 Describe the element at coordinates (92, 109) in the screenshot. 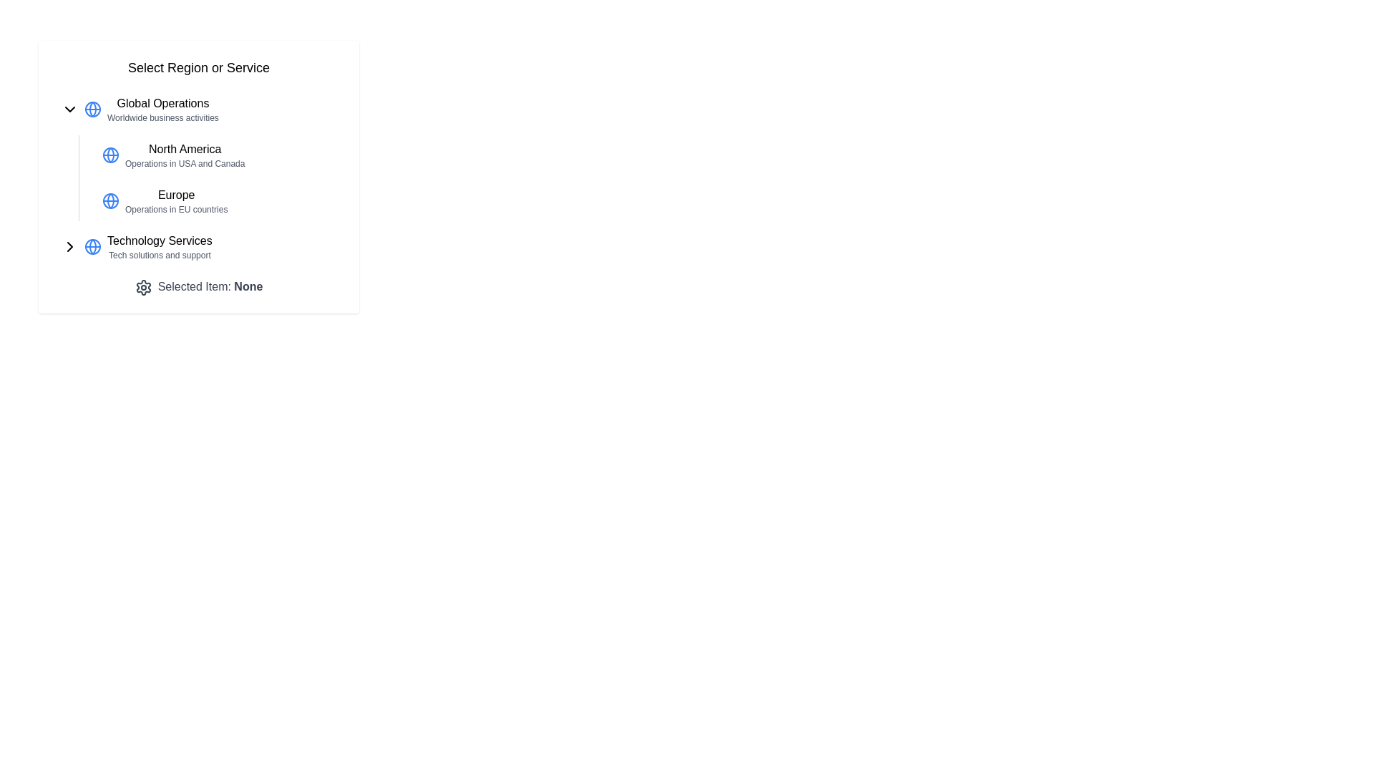

I see `the 'Global Operations' icon which symbolizes the global context, positioned at the leftmost side of the associated text` at that location.